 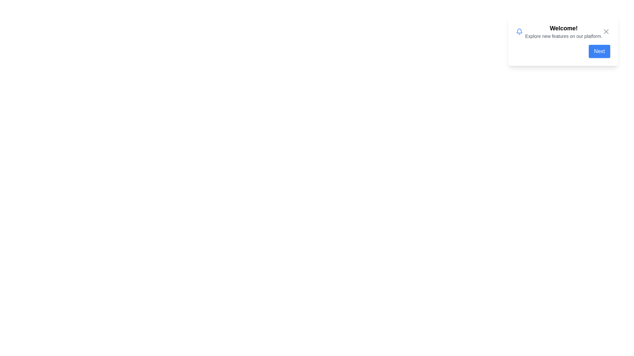 I want to click on the notification icon to focus on it, so click(x=519, y=32).